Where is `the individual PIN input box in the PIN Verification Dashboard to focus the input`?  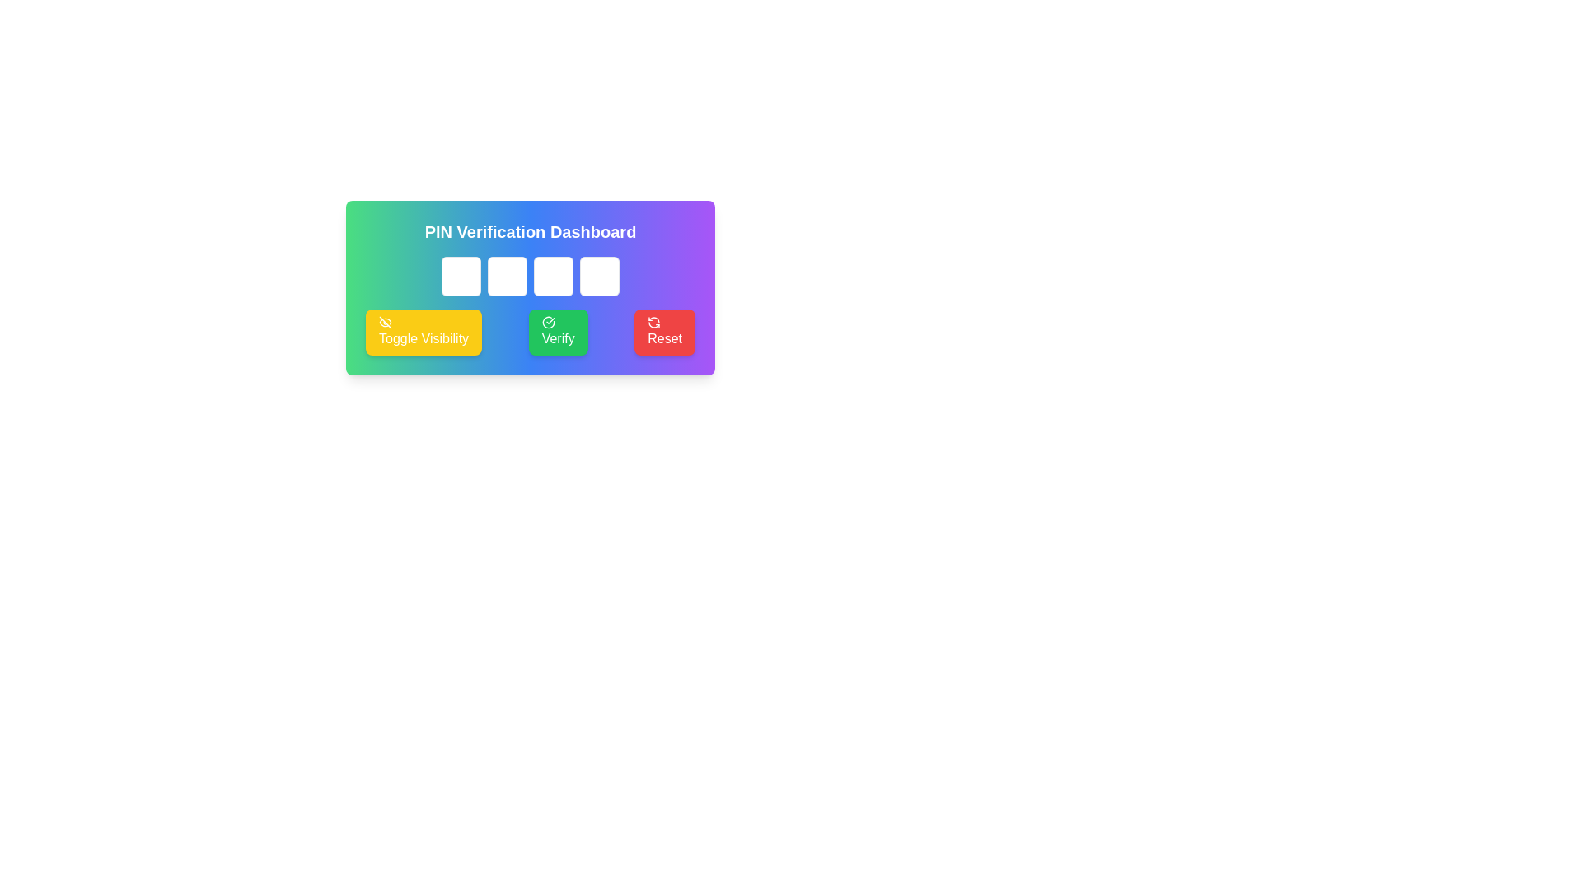 the individual PIN input box in the PIN Verification Dashboard to focus the input is located at coordinates (530, 275).